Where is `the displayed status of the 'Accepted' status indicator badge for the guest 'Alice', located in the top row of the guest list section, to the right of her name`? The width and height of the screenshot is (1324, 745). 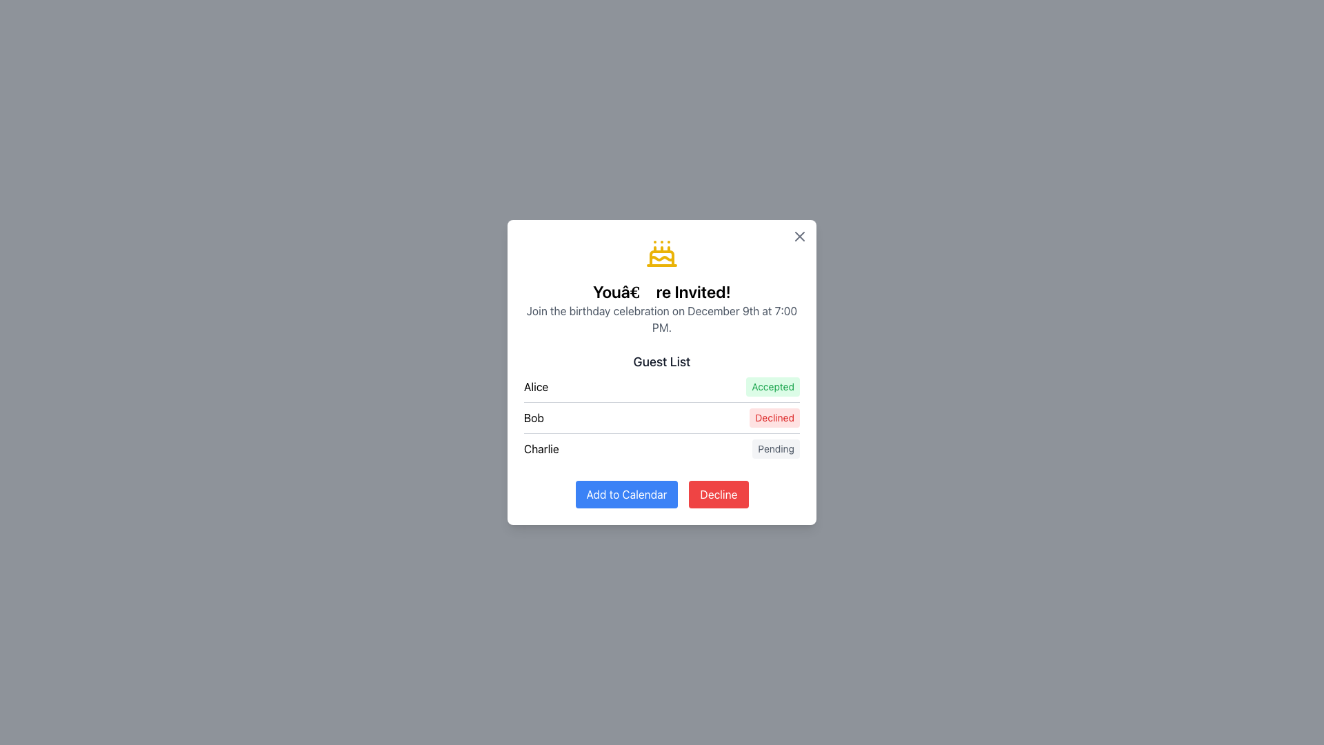 the displayed status of the 'Accepted' status indicator badge for the guest 'Alice', located in the top row of the guest list section, to the right of her name is located at coordinates (773, 386).